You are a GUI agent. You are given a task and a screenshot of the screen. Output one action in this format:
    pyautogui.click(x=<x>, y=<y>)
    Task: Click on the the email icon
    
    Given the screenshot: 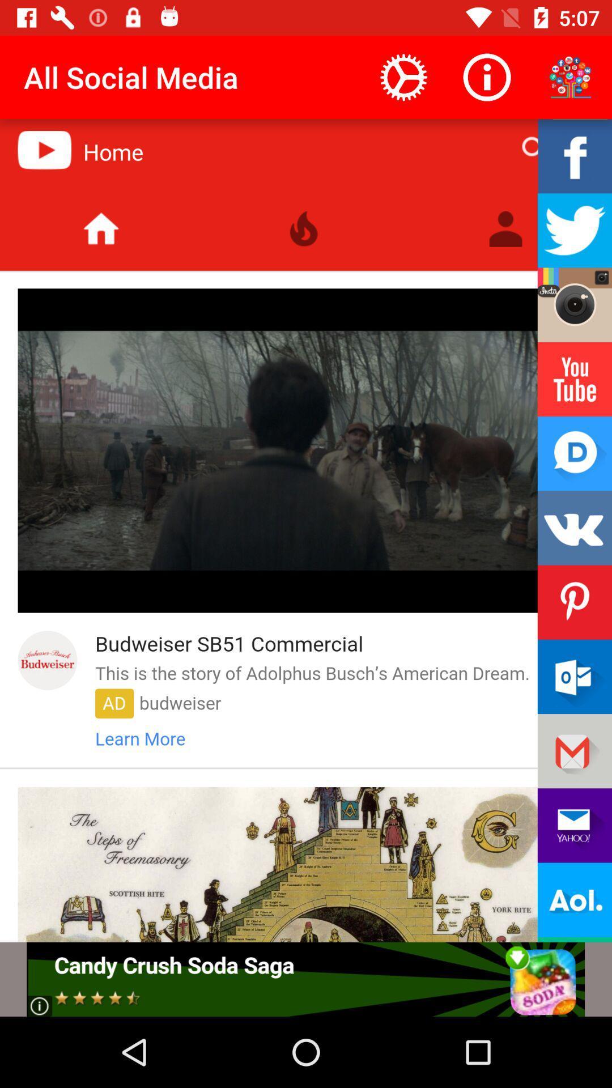 What is the action you would take?
    pyautogui.click(x=575, y=677)
    